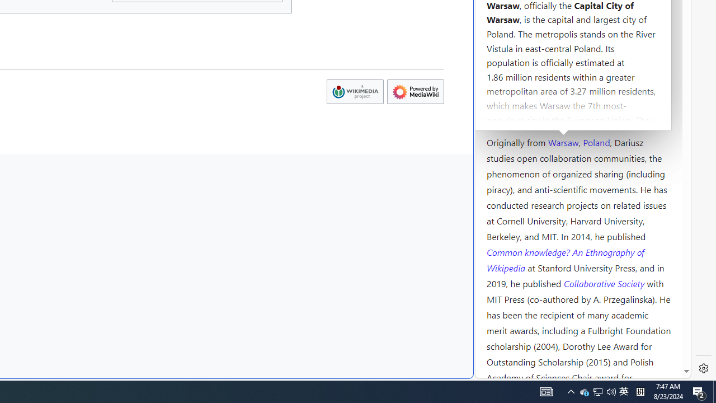 This screenshot has height=403, width=716. I want to click on 'Collaborative Society ', so click(605, 282).